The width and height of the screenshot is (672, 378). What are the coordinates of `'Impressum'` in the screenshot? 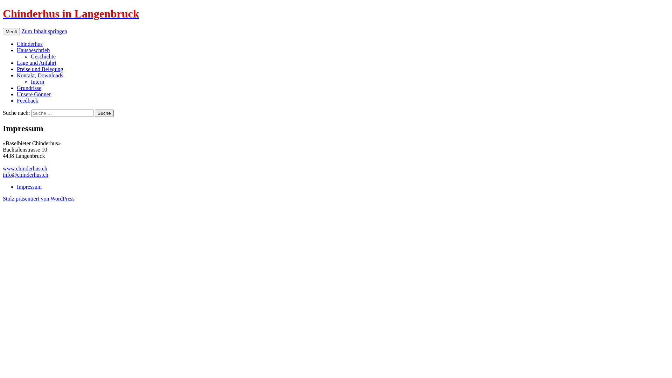 It's located at (29, 186).